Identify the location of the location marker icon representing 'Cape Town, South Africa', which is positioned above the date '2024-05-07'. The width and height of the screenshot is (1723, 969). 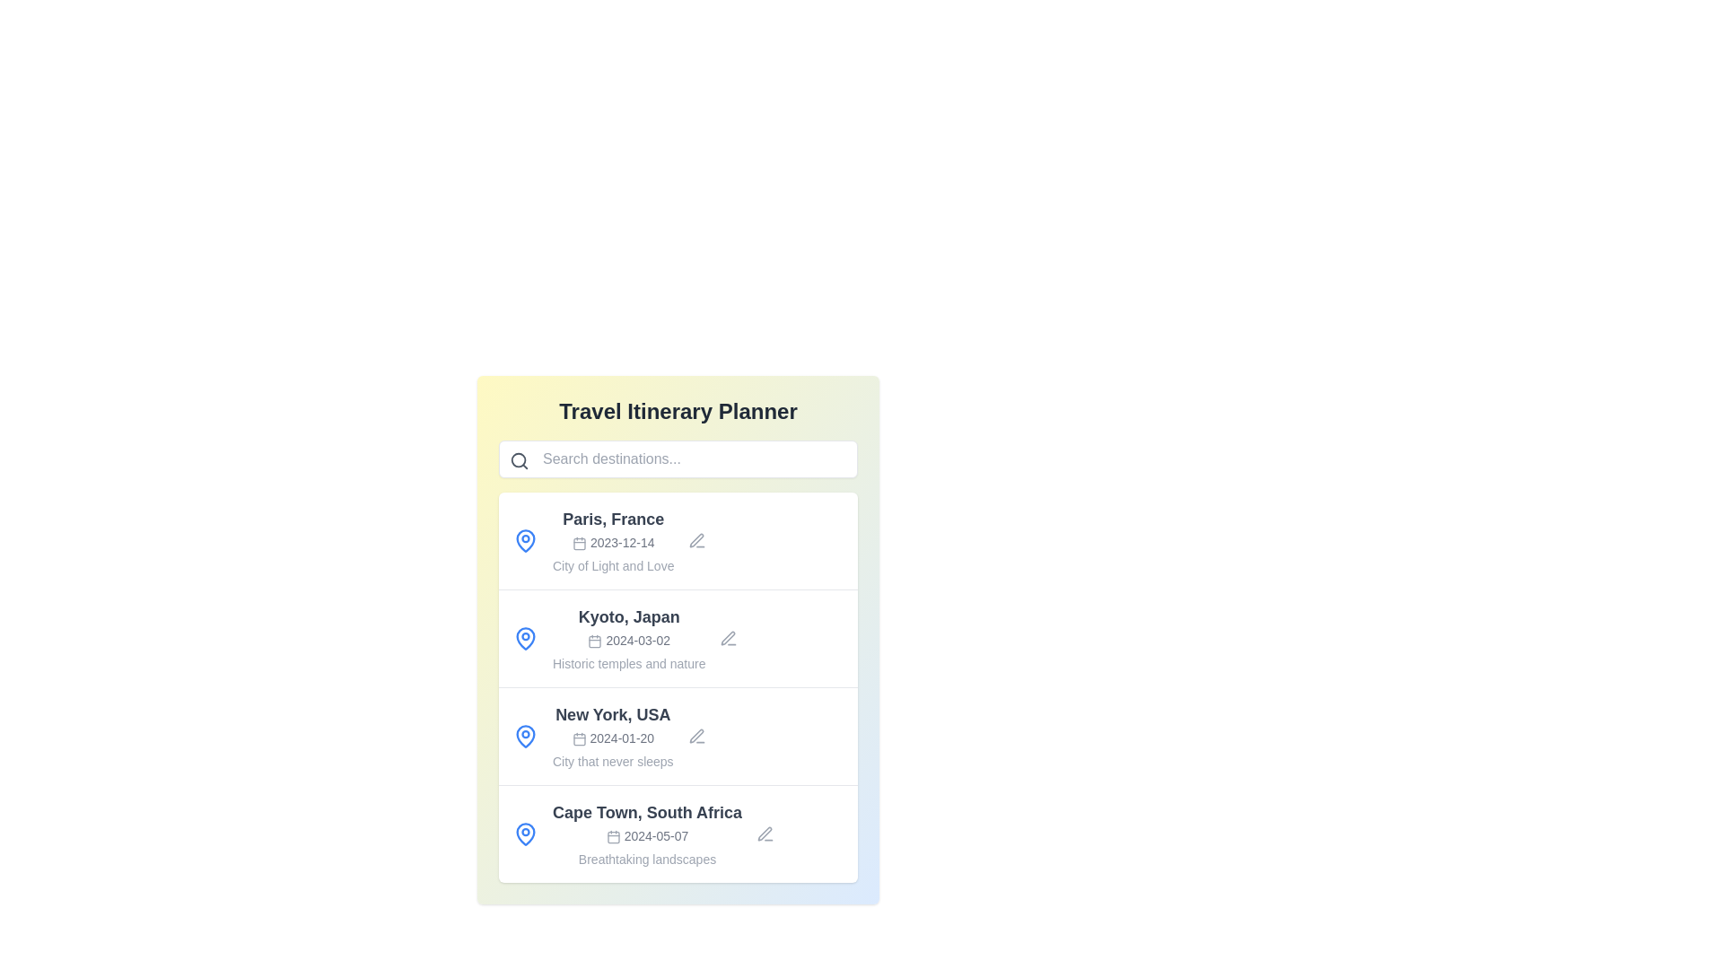
(524, 834).